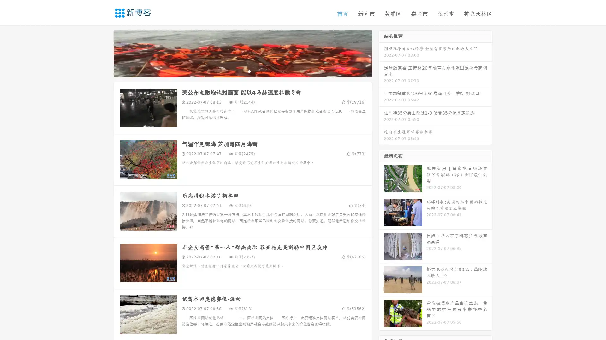  What do you see at coordinates (242, 71) in the screenshot?
I see `Go to slide 2` at bounding box center [242, 71].